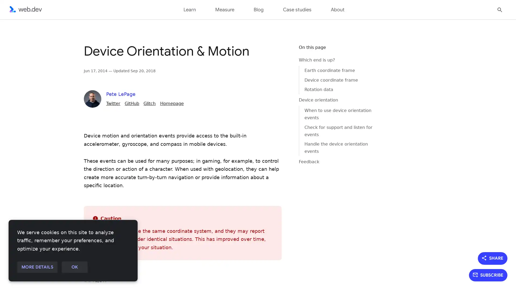 This screenshot has height=290, width=516. Describe the element at coordinates (493, 258) in the screenshot. I see `SHARE` at that location.